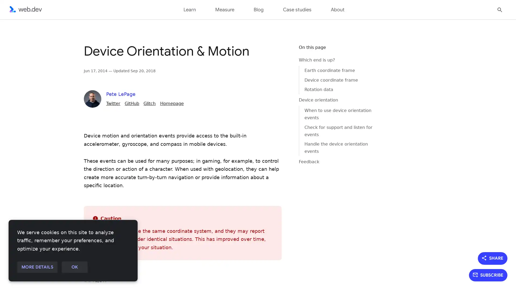 This screenshot has height=290, width=516. Describe the element at coordinates (493, 258) in the screenshot. I see `SHARE` at that location.